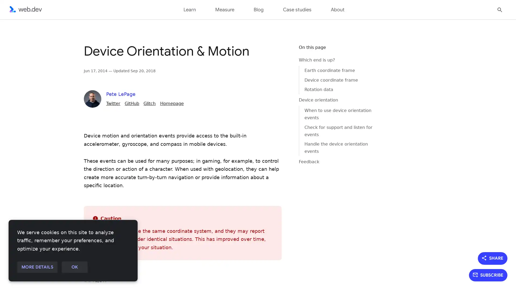 This screenshot has height=290, width=516. Describe the element at coordinates (493, 258) in the screenshot. I see `SHARE` at that location.